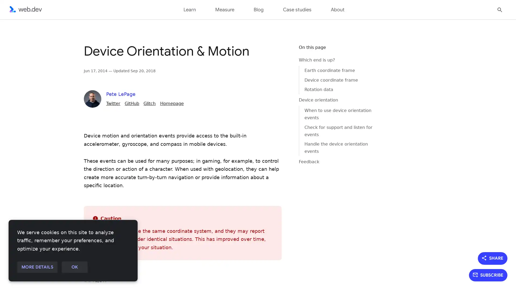 This screenshot has height=290, width=516. Describe the element at coordinates (493, 258) in the screenshot. I see `SHARE` at that location.